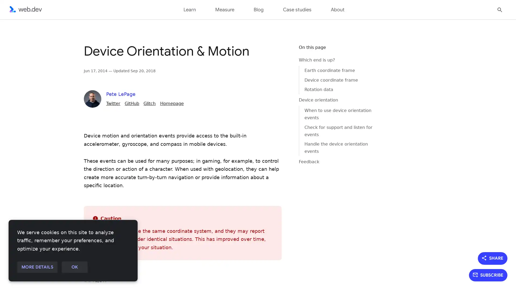 This screenshot has height=290, width=516. Describe the element at coordinates (493, 258) in the screenshot. I see `SHARE` at that location.